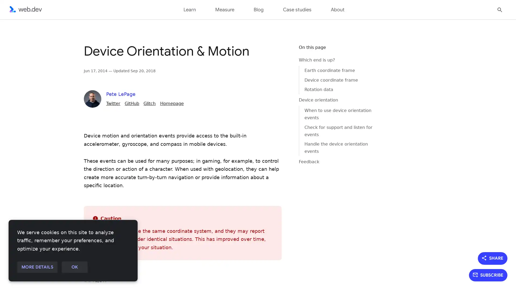 This screenshot has height=290, width=516. Describe the element at coordinates (493, 258) in the screenshot. I see `SHARE` at that location.